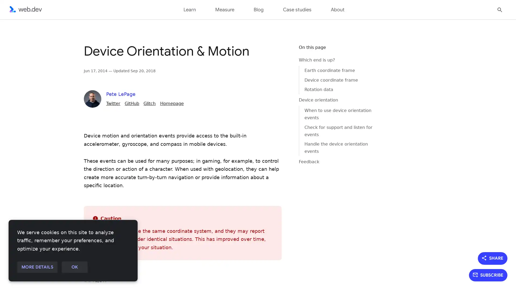 This screenshot has height=290, width=516. Describe the element at coordinates (493, 258) in the screenshot. I see `SHARE` at that location.